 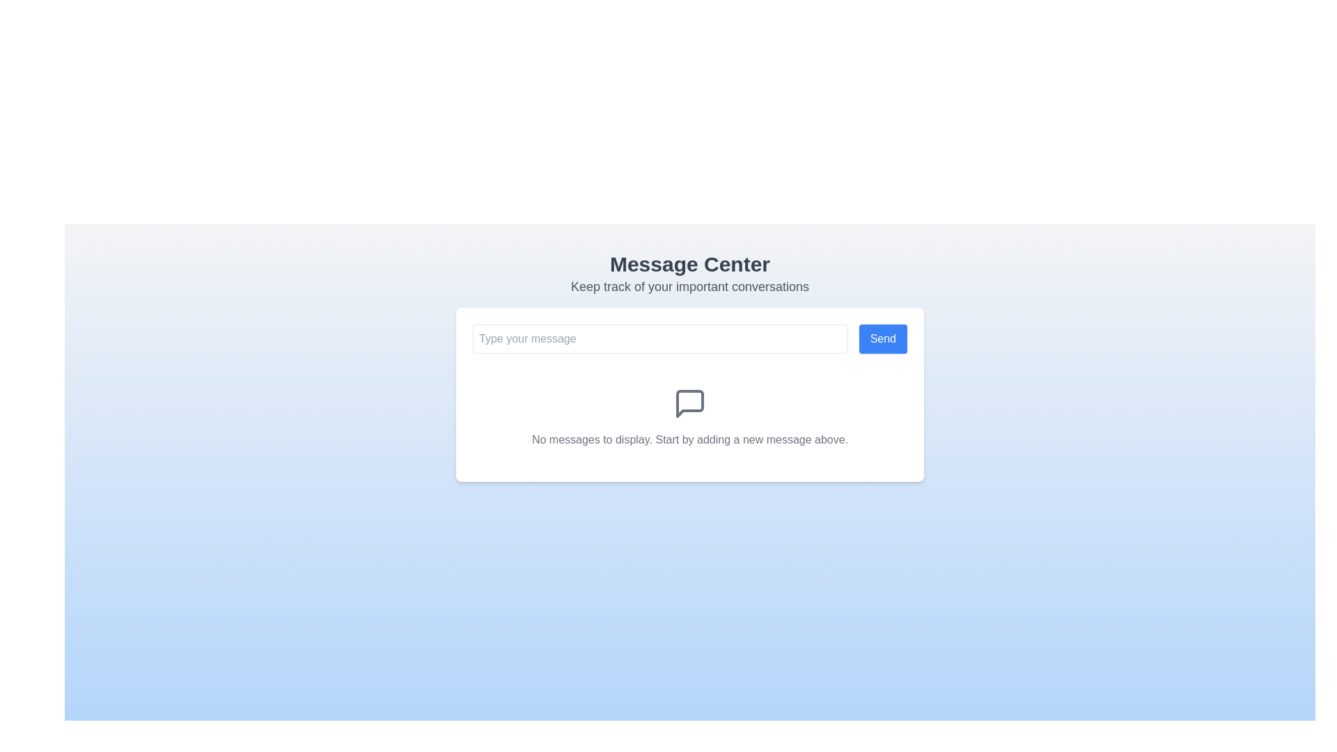 What do you see at coordinates (689, 286) in the screenshot?
I see `text label that serves as a descriptive subtitle beneath the 'Message Center' heading, indicating the functionality of managing conversations` at bounding box center [689, 286].